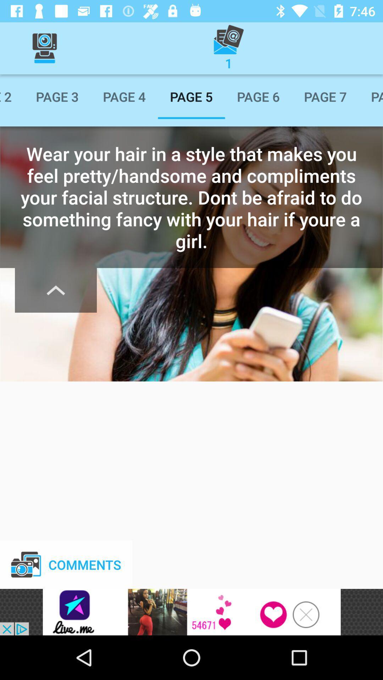  Describe the element at coordinates (55, 290) in the screenshot. I see `icon which is above the comments` at that location.